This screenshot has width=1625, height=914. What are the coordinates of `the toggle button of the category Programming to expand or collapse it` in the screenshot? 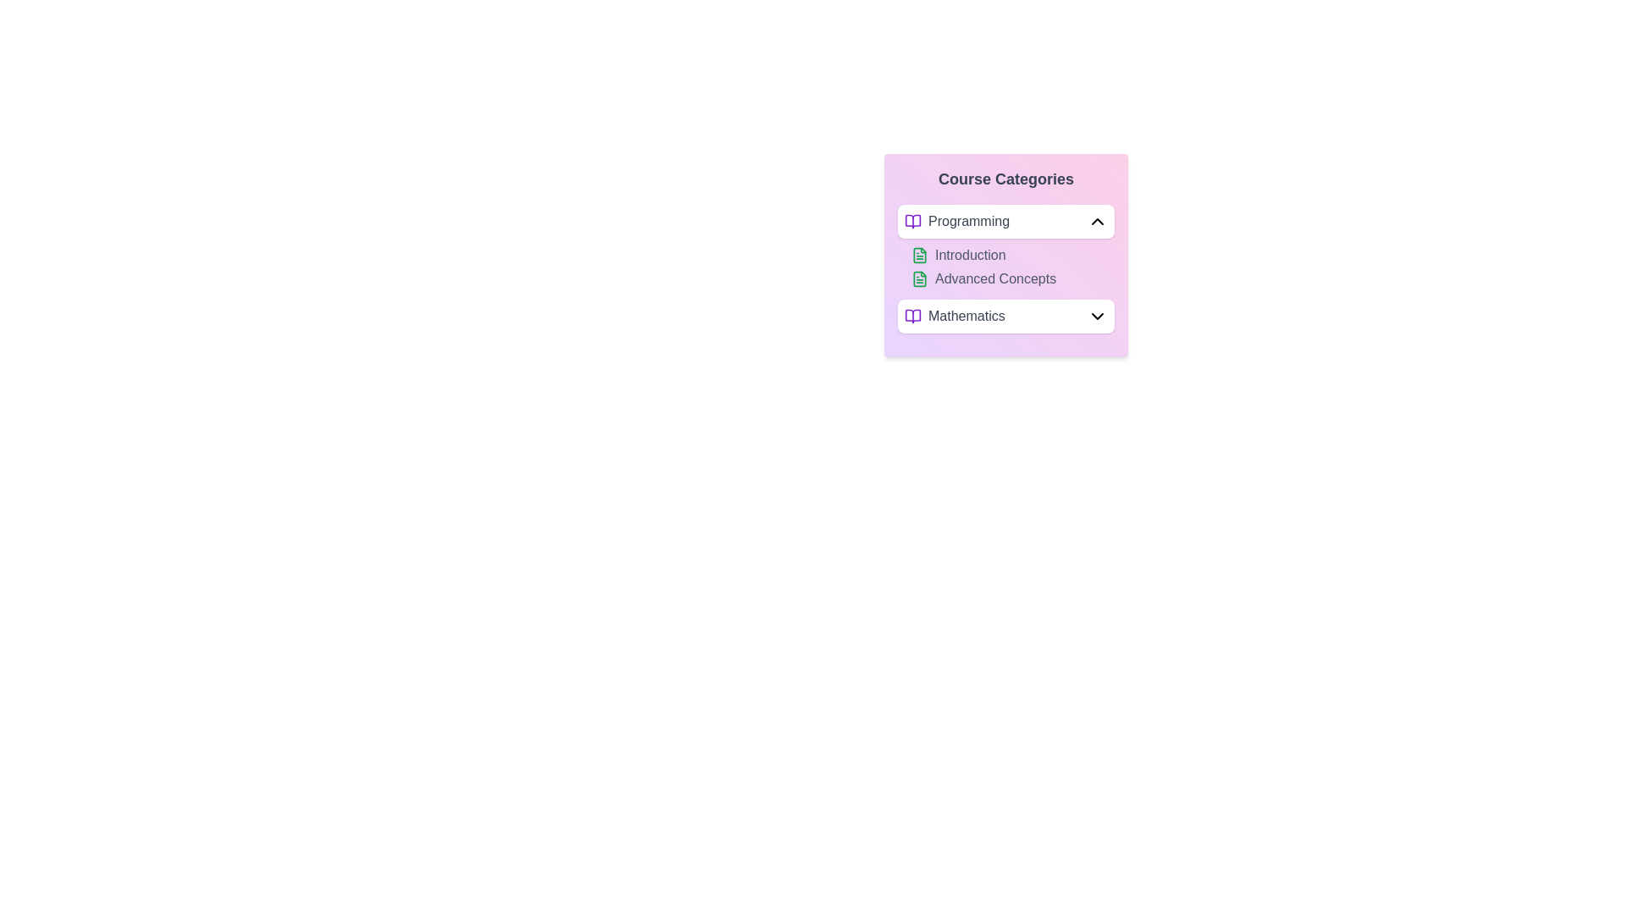 It's located at (1097, 221).